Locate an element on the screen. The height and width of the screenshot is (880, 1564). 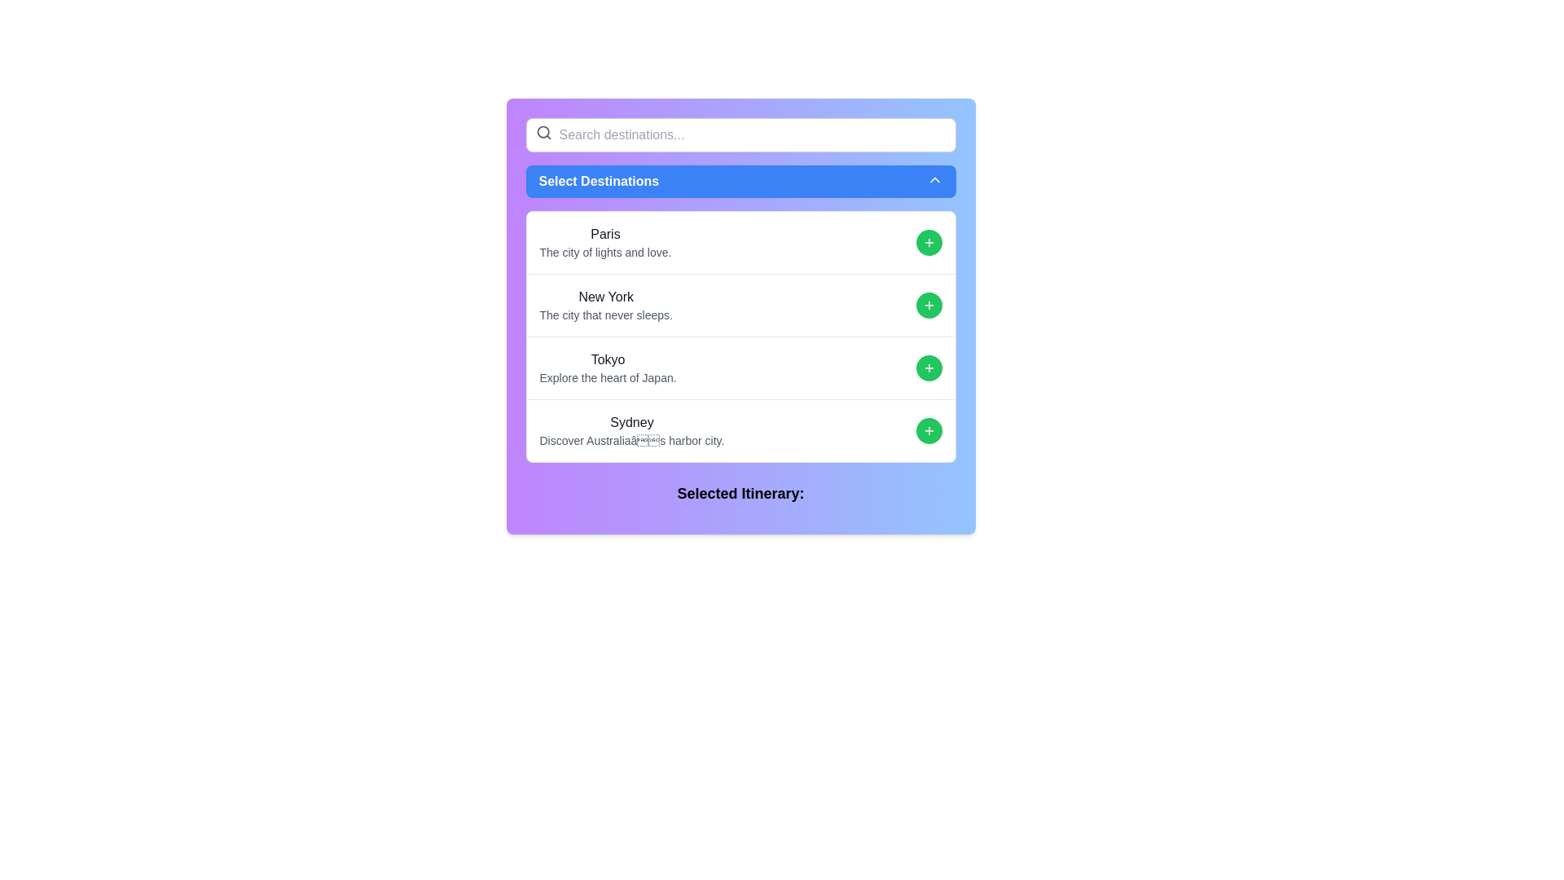
the bold text label displaying 'New York' is located at coordinates (605, 297).